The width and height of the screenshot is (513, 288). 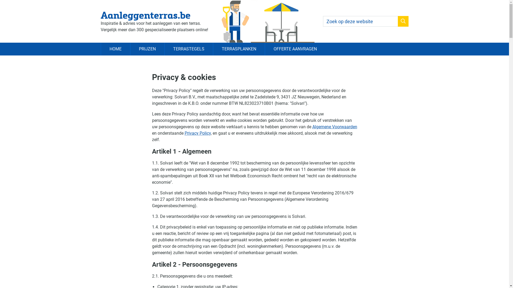 I want to click on 'PRIJZEN', so click(x=147, y=49).